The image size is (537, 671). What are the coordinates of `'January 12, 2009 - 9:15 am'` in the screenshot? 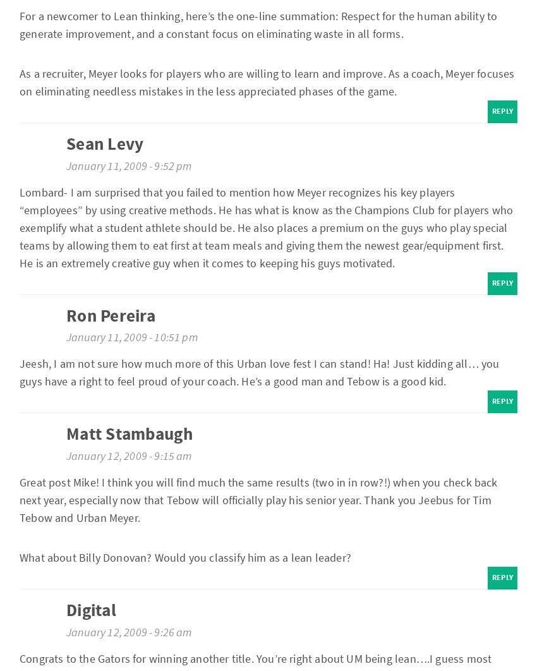 It's located at (128, 456).